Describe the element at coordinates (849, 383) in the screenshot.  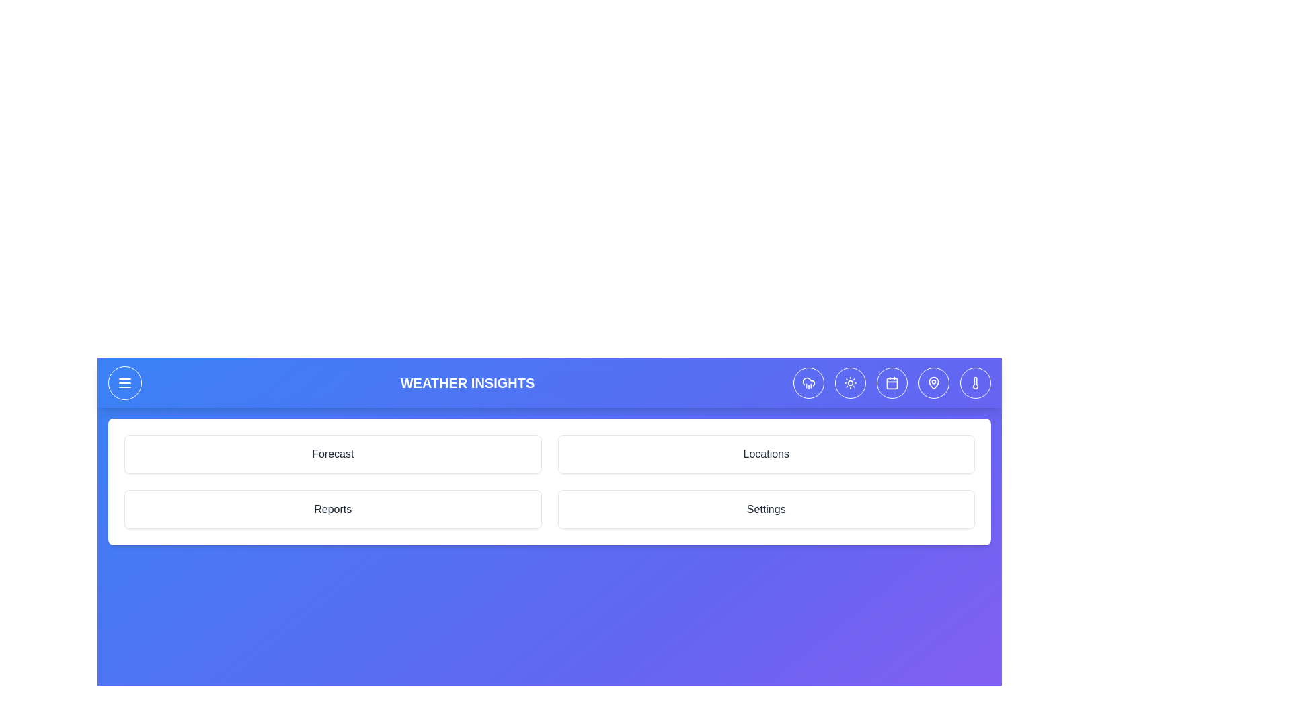
I see `the sun icon in the header` at that location.